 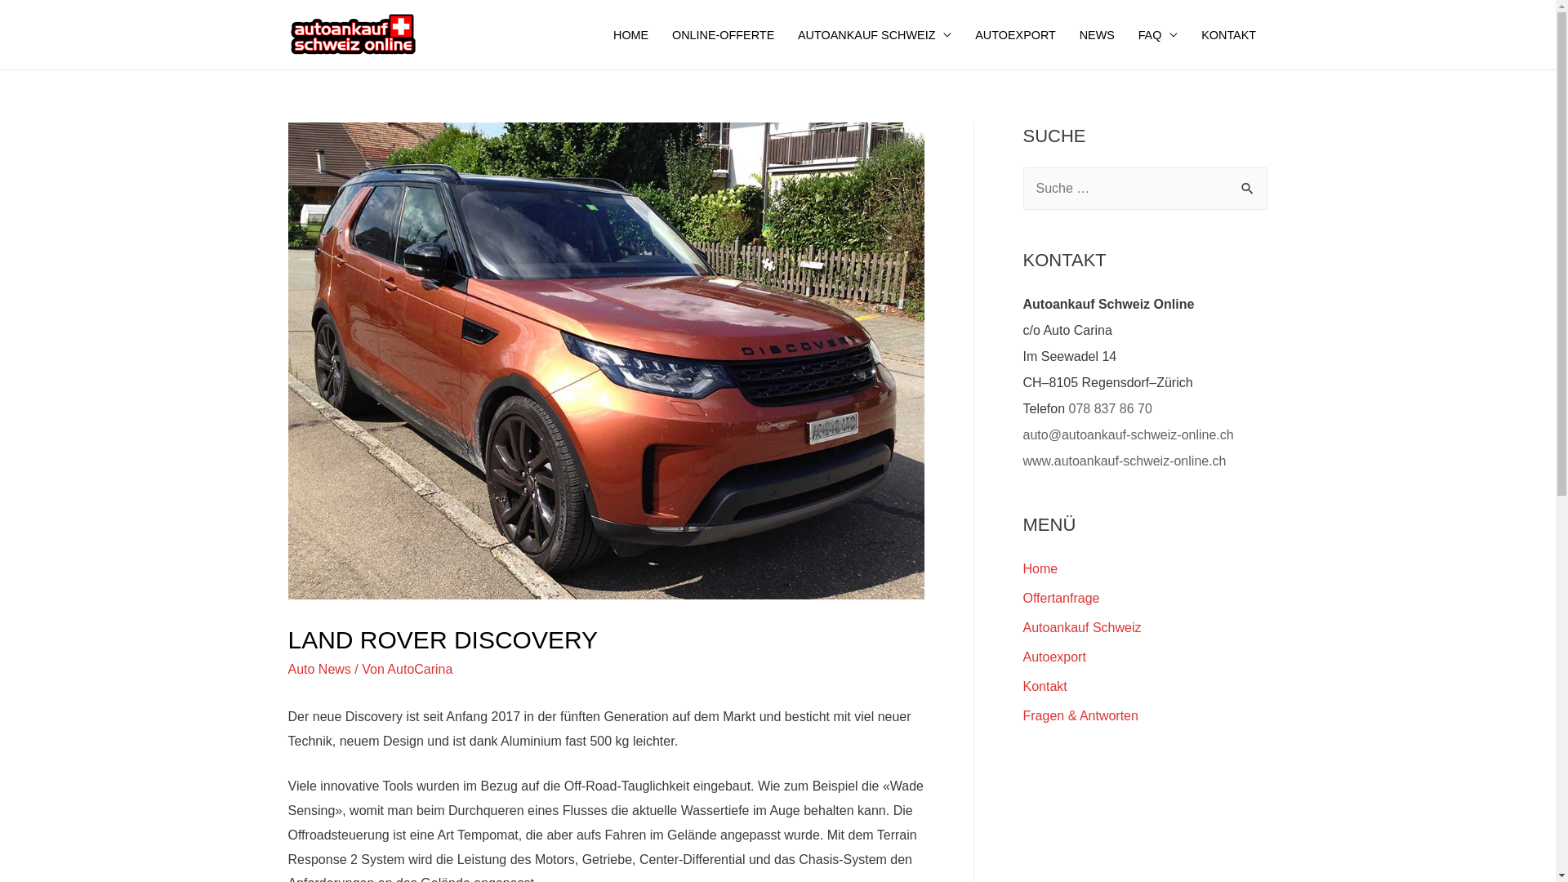 I want to click on 'auto@autoankauf-schweiz-online.ch', so click(x=1127, y=434).